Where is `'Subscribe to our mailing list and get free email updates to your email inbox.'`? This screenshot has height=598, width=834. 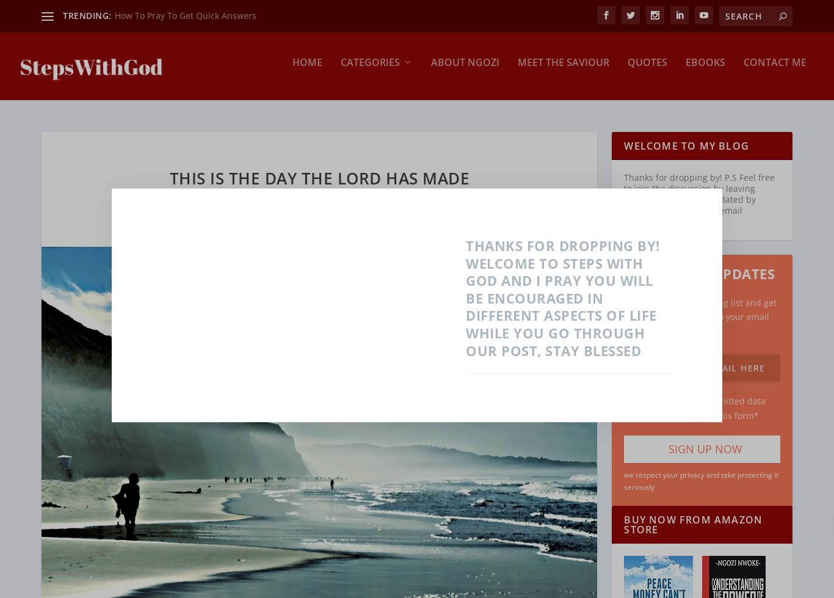
'Subscribe to our mailing list and get free email updates to your email inbox.' is located at coordinates (702, 308).